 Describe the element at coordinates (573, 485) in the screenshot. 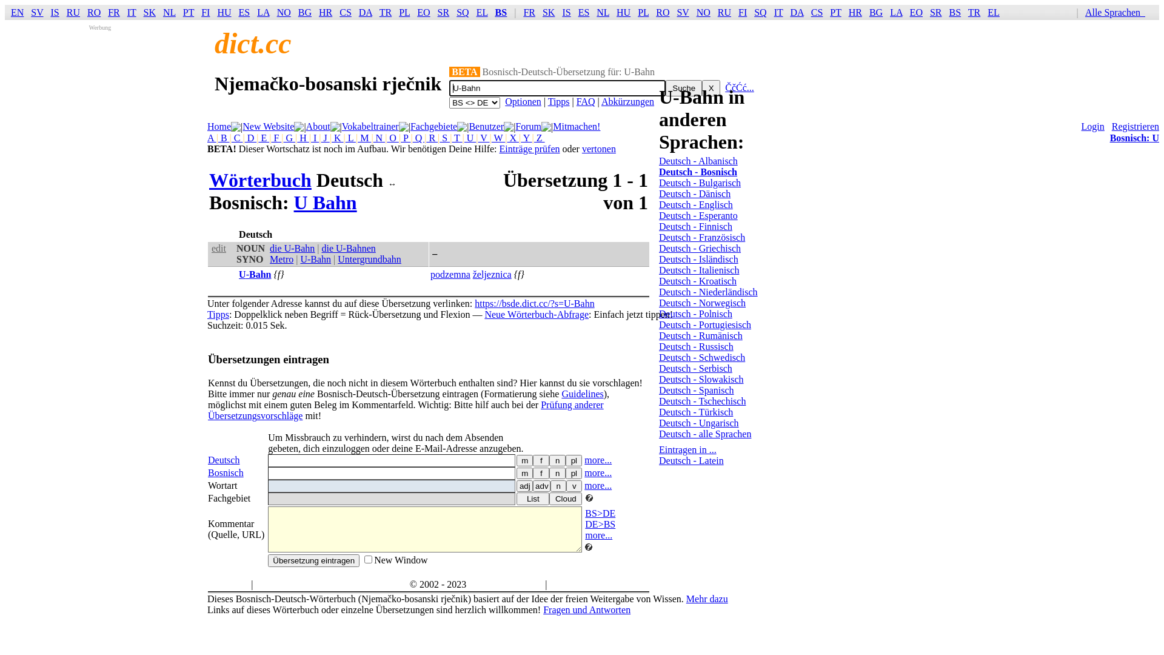

I see `'v'` at that location.